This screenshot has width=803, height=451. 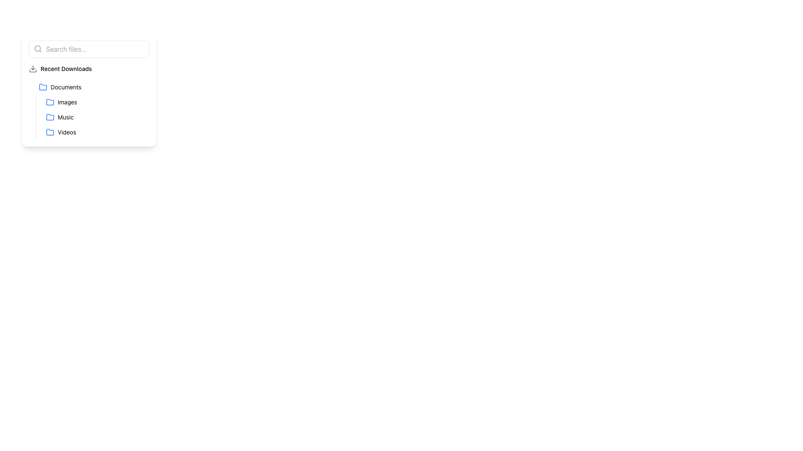 I want to click on the folder icon with a blue outline located in the 'Recent Downloads' section of the file explorer, adjacent to the 'Documents' label, so click(x=42, y=87).